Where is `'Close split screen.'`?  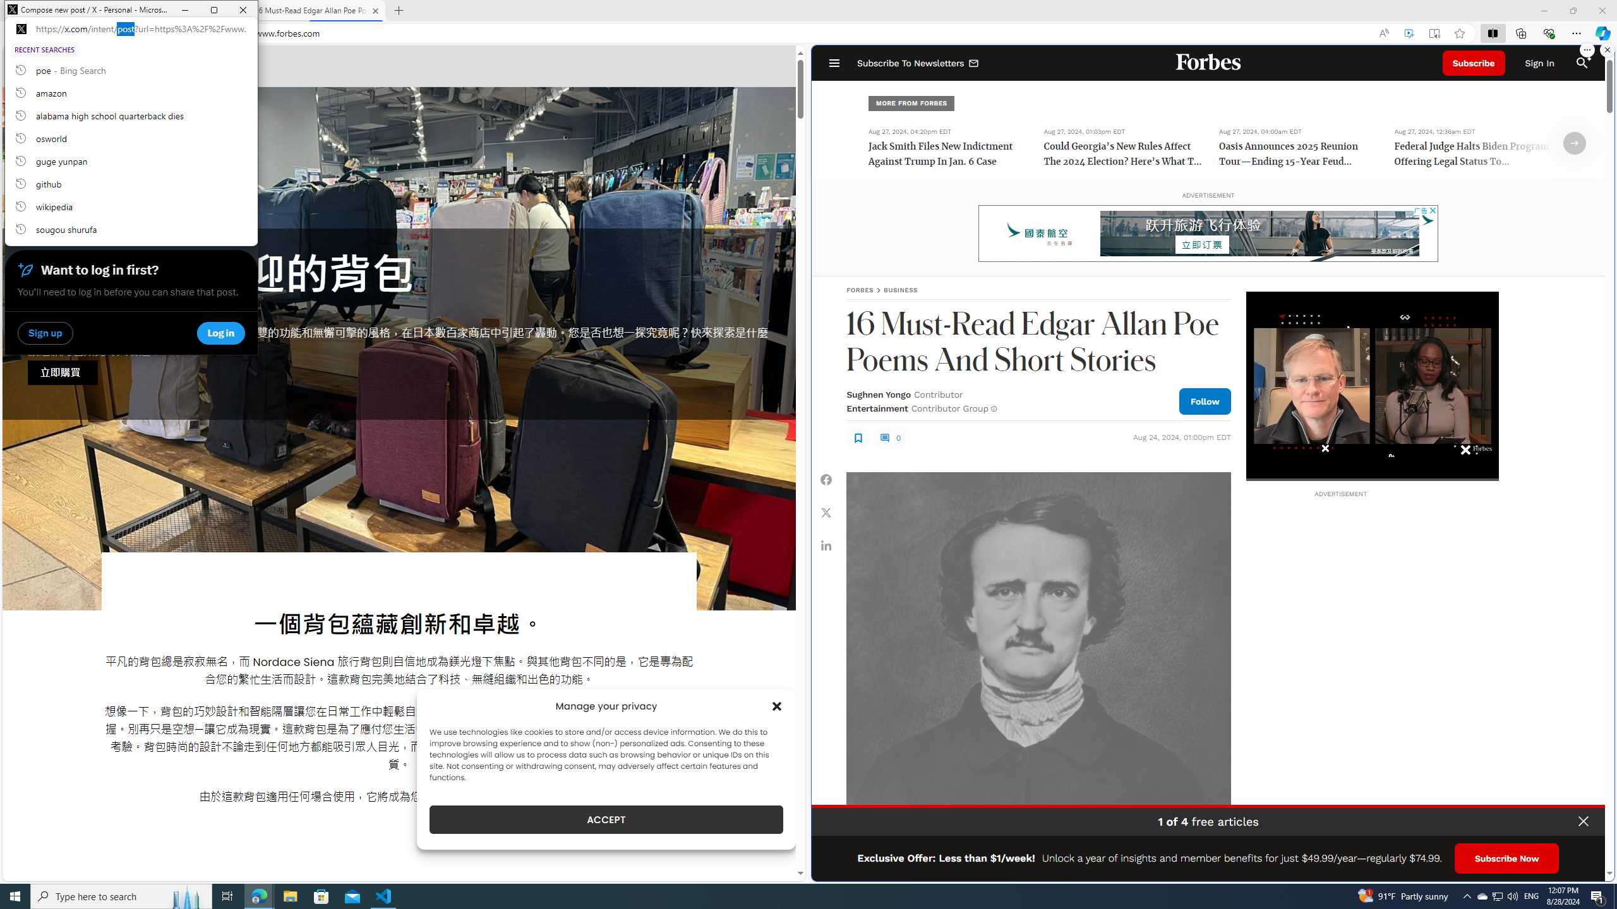
'Close split screen.' is located at coordinates (1606, 49).